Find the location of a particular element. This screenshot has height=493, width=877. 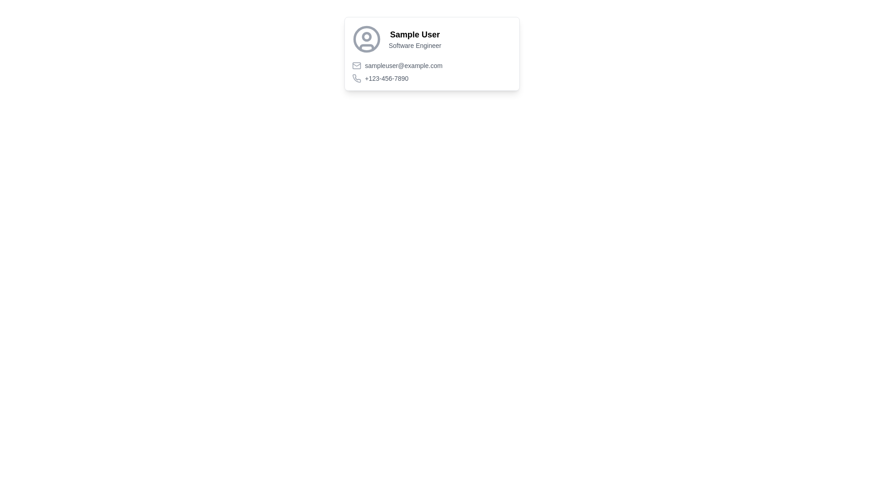

the phone icon located in the bottom-right section of the interface, to the left of the phone number '+123-456-7890' is located at coordinates (356, 78).